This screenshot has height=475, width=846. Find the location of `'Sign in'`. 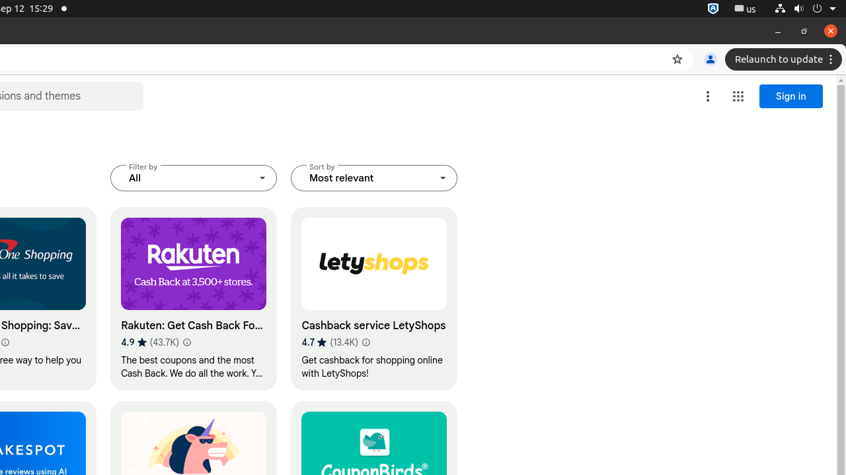

'Sign in' is located at coordinates (791, 96).